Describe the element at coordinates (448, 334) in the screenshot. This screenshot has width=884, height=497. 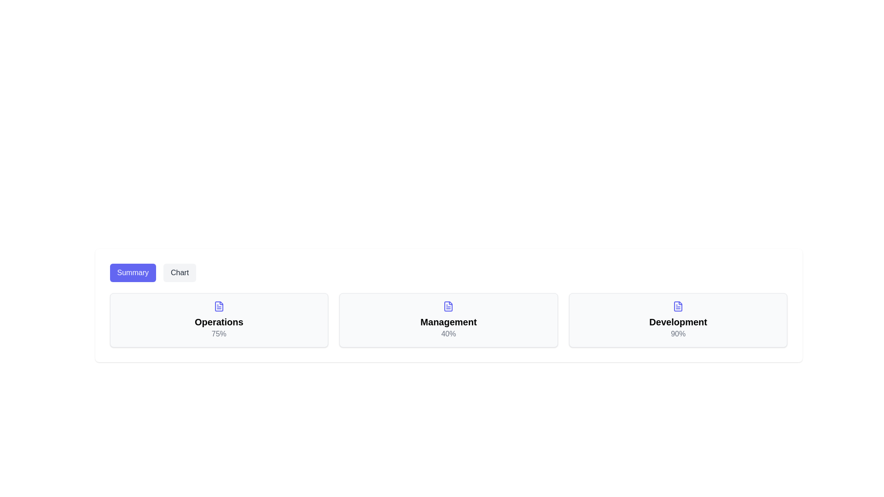
I see `the gray text element displaying '40%' located at the bottom of the 'Management' card` at that location.